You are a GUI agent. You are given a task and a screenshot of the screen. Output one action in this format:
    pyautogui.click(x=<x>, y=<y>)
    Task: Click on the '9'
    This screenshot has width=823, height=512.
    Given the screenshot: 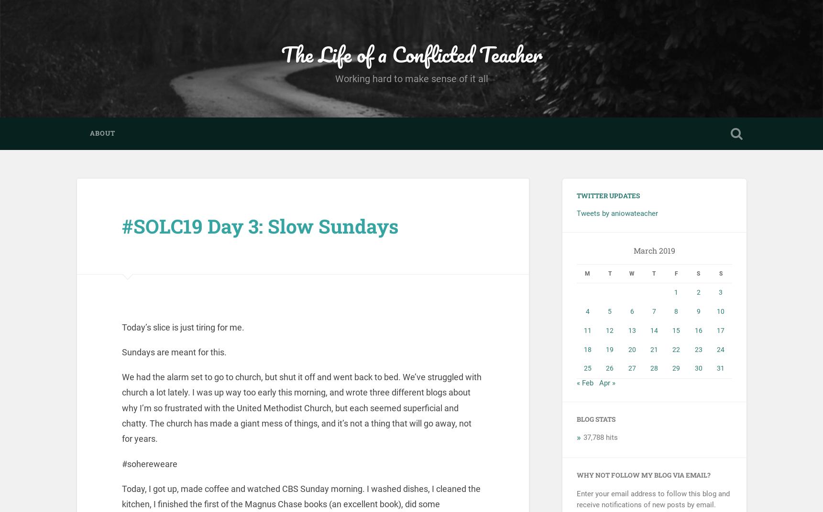 What is the action you would take?
    pyautogui.click(x=697, y=311)
    